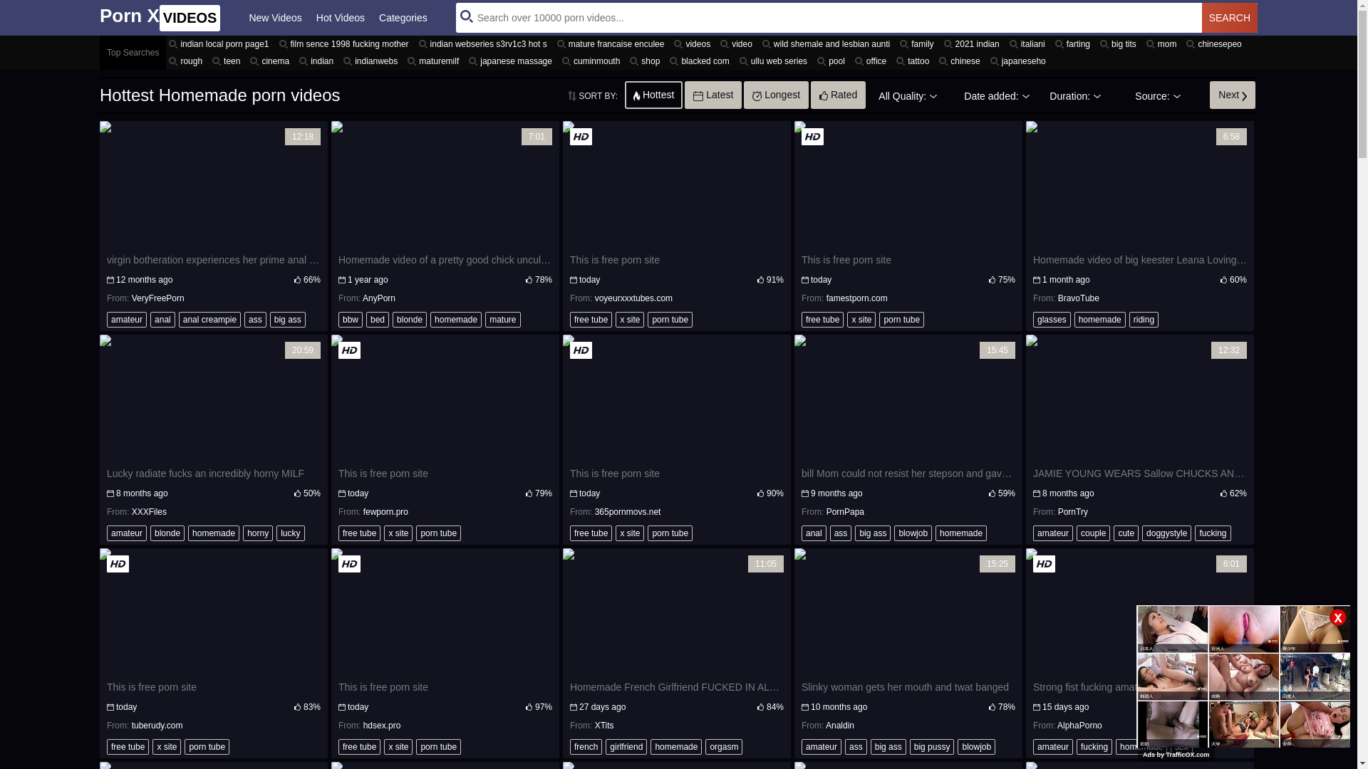 The image size is (1368, 769). Describe the element at coordinates (1125, 533) in the screenshot. I see `'cute'` at that location.